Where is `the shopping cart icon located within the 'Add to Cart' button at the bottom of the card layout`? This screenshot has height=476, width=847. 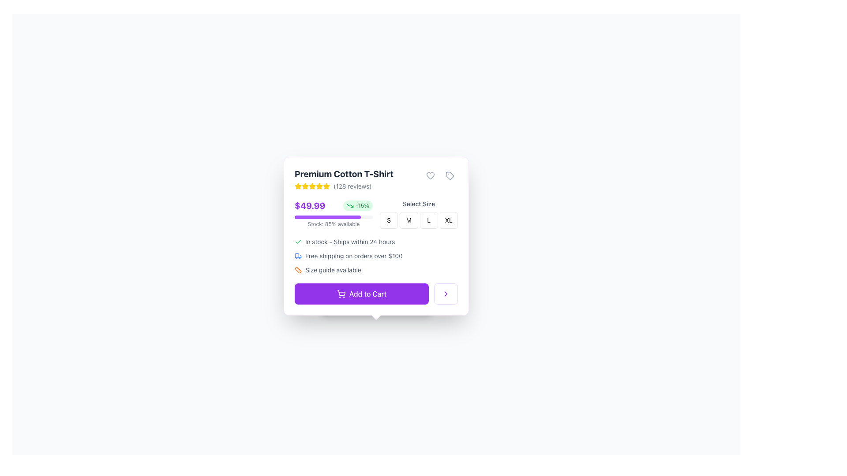 the shopping cart icon located within the 'Add to Cart' button at the bottom of the card layout is located at coordinates (341, 294).